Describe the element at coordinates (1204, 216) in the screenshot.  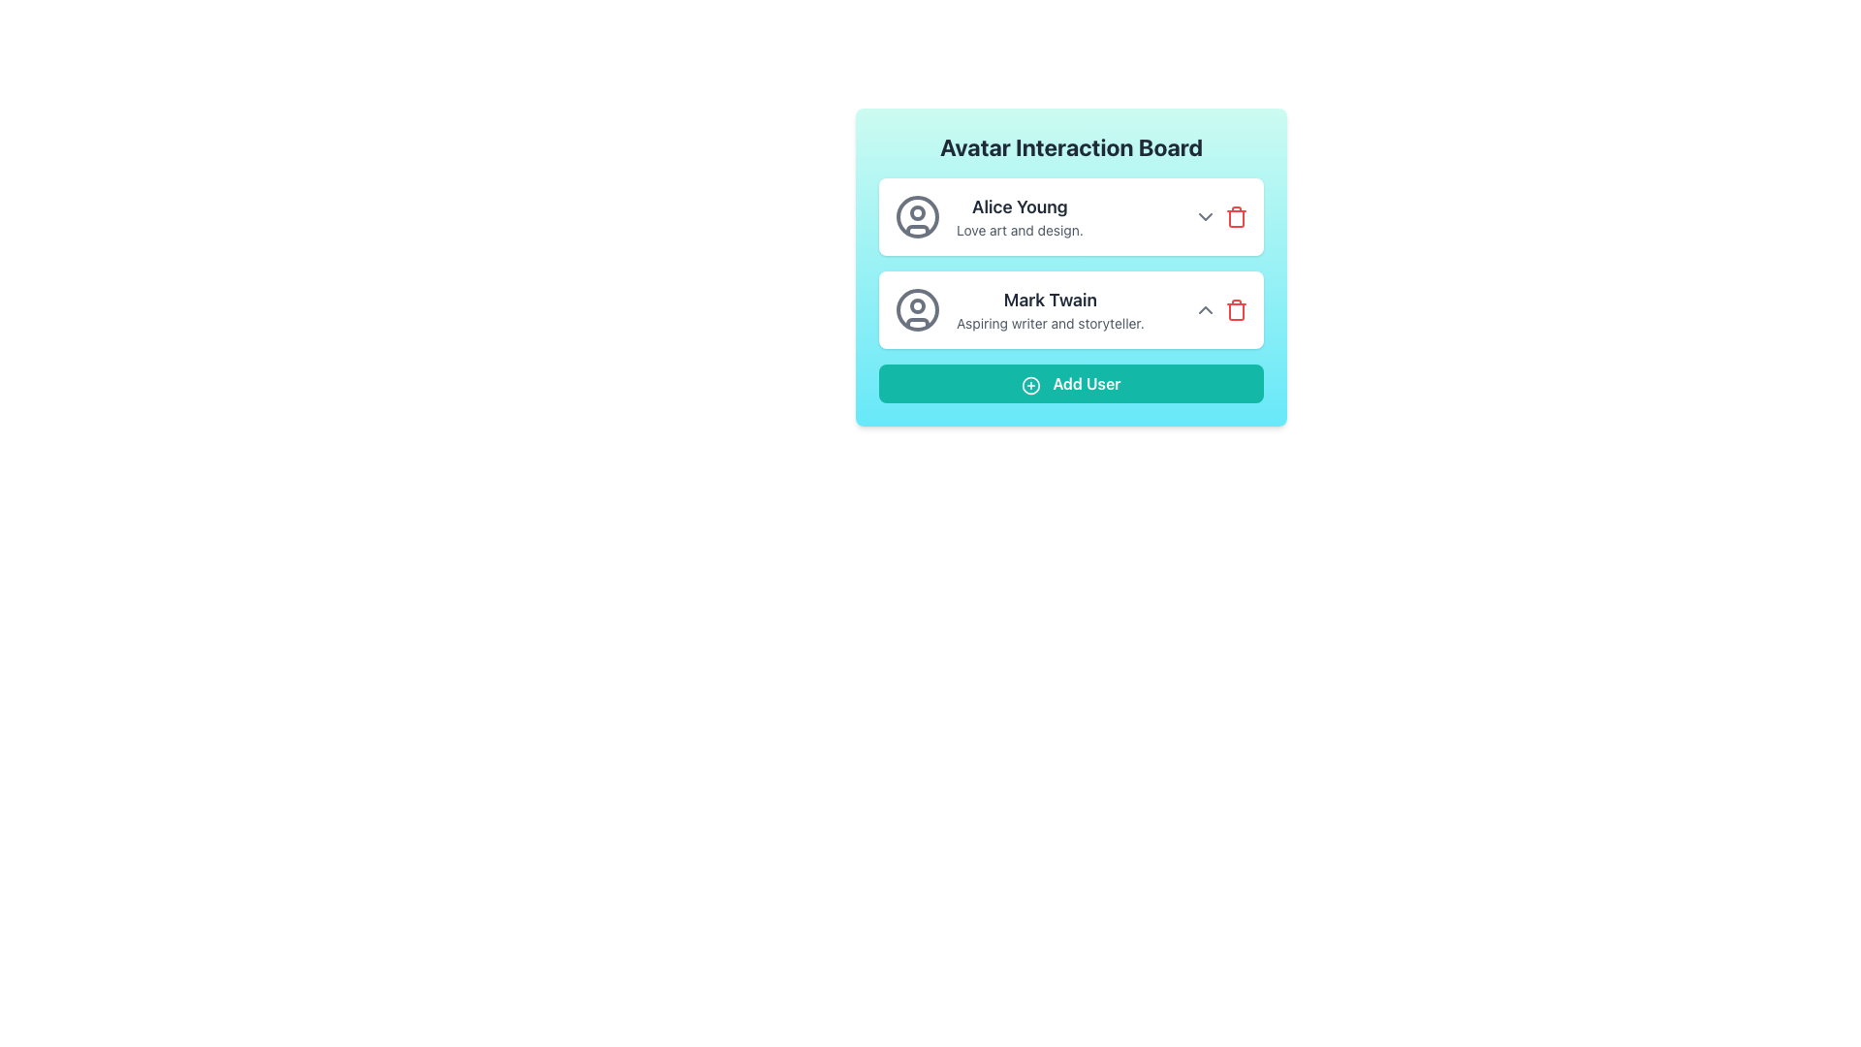
I see `the downward-pointing chevron icon located at the far right of the user information row` at that location.